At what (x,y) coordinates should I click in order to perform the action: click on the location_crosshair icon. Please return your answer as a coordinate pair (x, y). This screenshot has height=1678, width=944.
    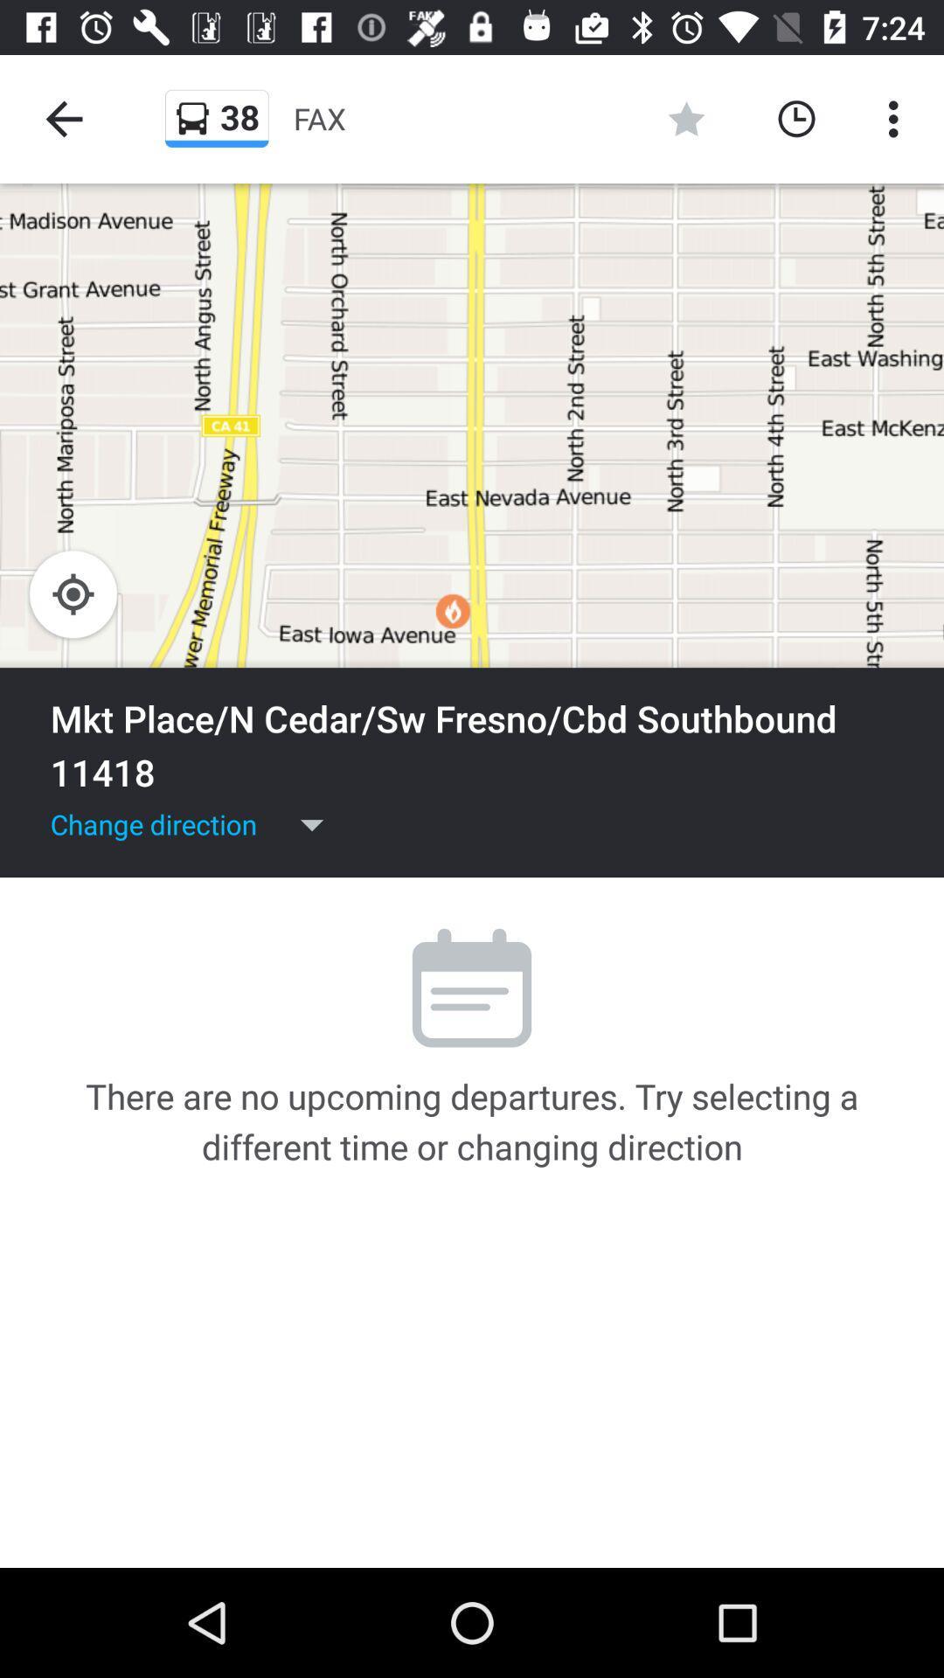
    Looking at the image, I should click on (73, 594).